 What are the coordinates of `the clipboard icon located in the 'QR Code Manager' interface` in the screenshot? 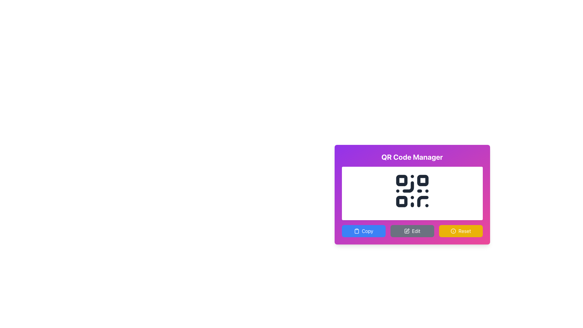 It's located at (356, 231).